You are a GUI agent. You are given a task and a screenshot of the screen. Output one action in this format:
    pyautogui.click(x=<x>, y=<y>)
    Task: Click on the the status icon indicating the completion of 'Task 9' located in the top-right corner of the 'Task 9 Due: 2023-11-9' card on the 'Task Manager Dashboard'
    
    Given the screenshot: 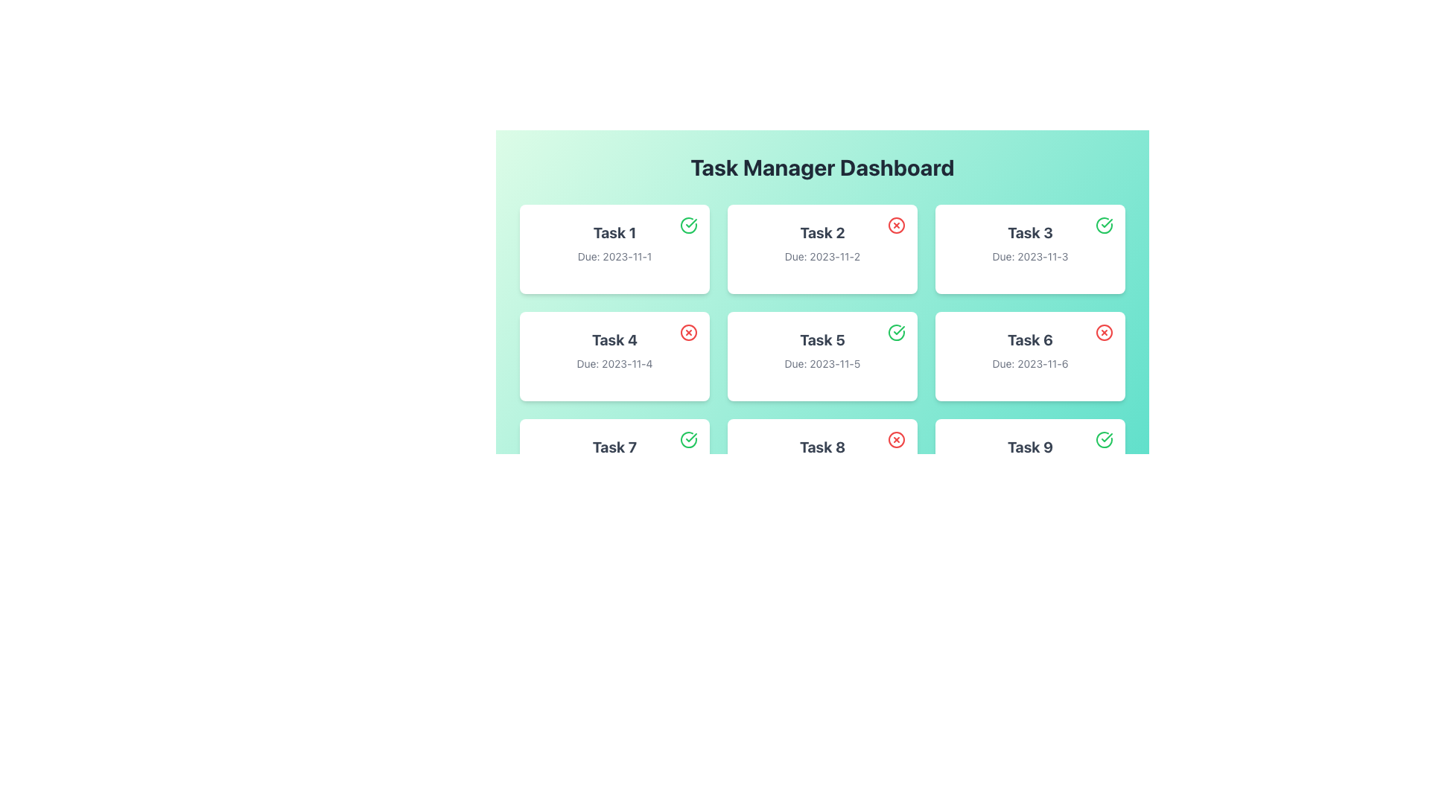 What is the action you would take?
    pyautogui.click(x=1105, y=438)
    